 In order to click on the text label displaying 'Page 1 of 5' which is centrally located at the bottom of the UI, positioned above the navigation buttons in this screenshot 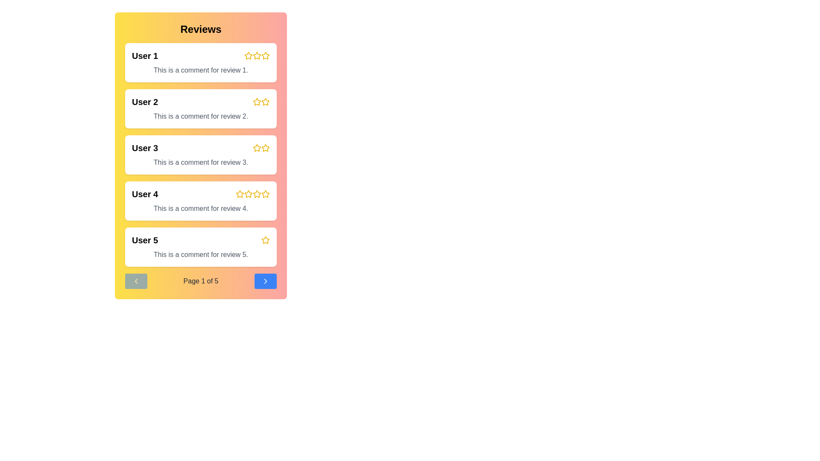, I will do `click(200, 281)`.